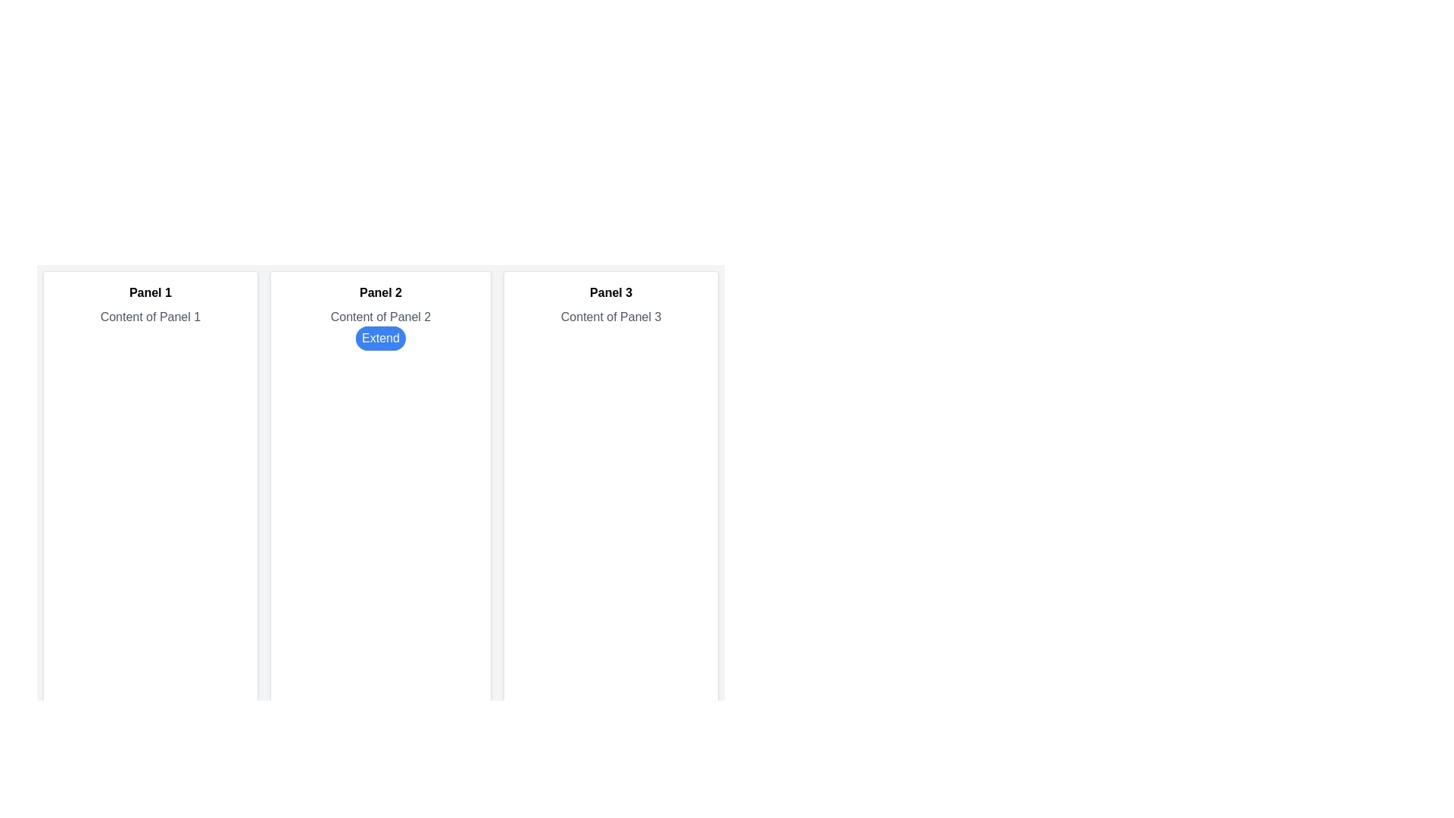 This screenshot has height=818, width=1454. What do you see at coordinates (611, 317) in the screenshot?
I see `the text label displaying 'Content of Panel 3' located beneath the title 'Panel 3' in the card-like panel` at bounding box center [611, 317].